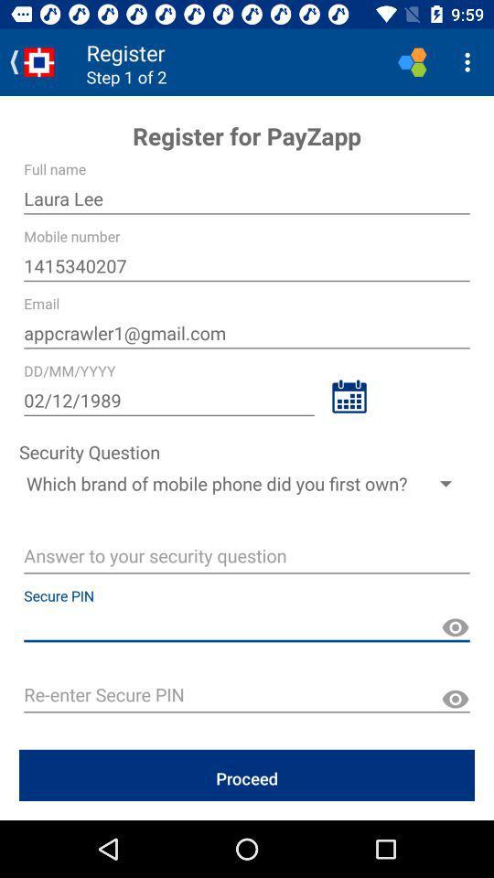  Describe the element at coordinates (247, 696) in the screenshot. I see `space to type pin again along with show what is typing symbol on right` at that location.